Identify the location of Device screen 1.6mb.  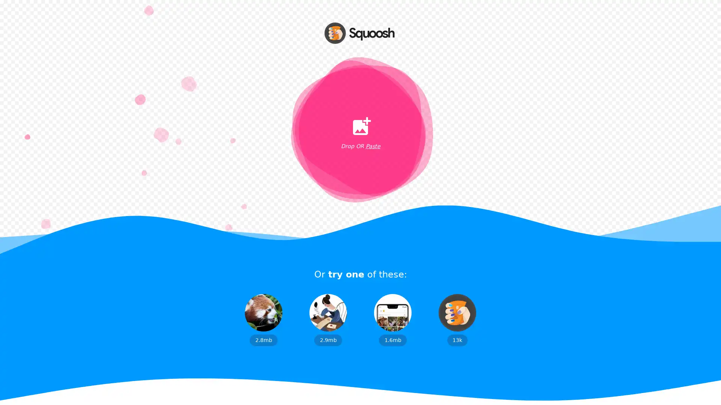
(392, 319).